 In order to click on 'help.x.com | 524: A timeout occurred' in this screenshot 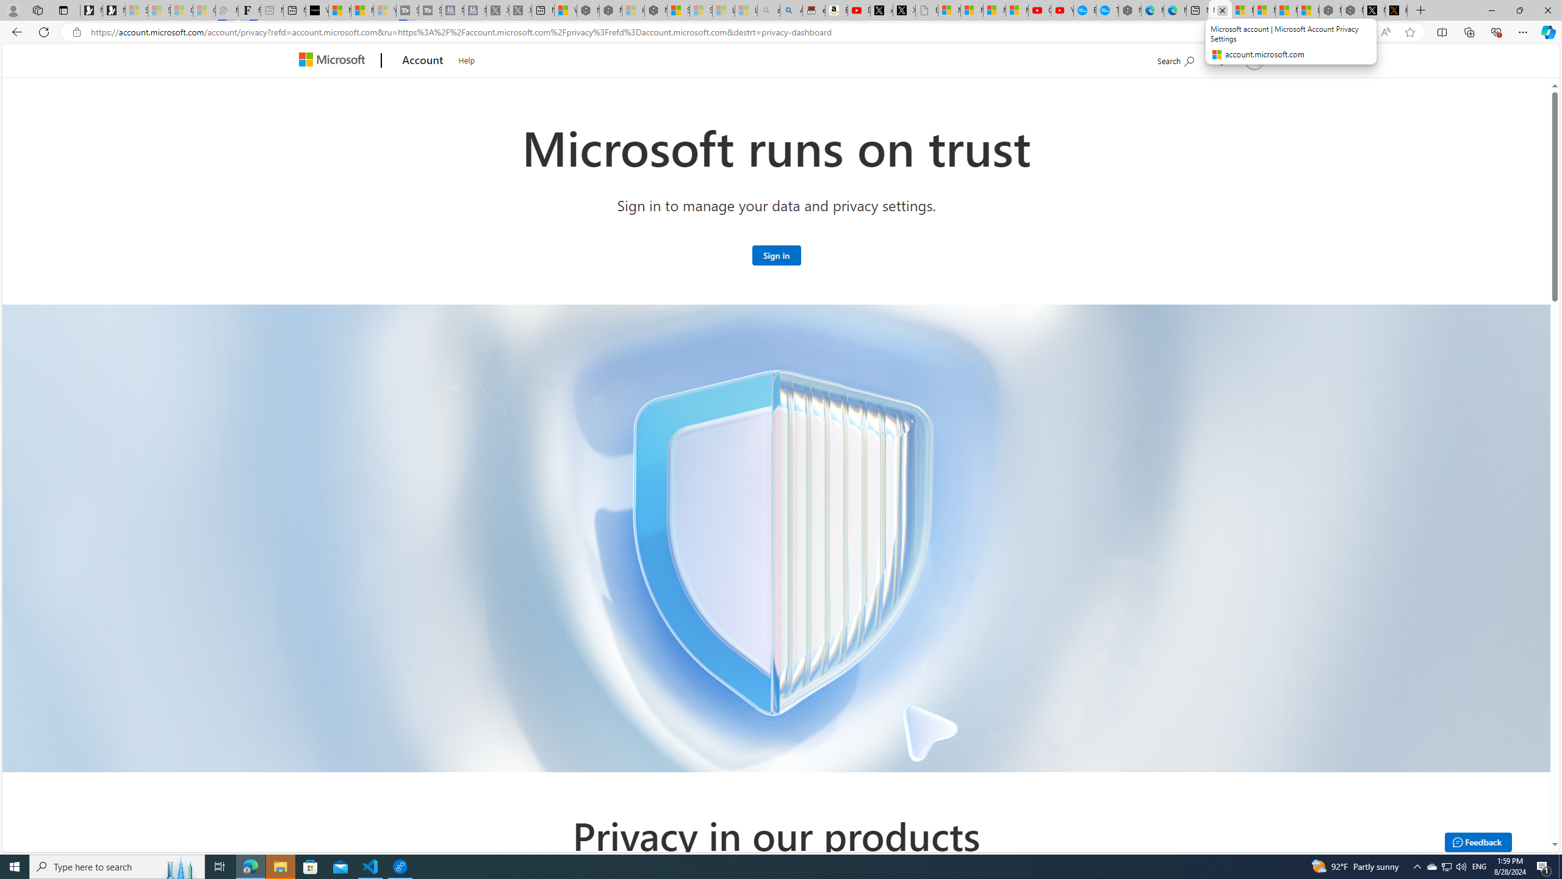, I will do `click(1395, 10)`.